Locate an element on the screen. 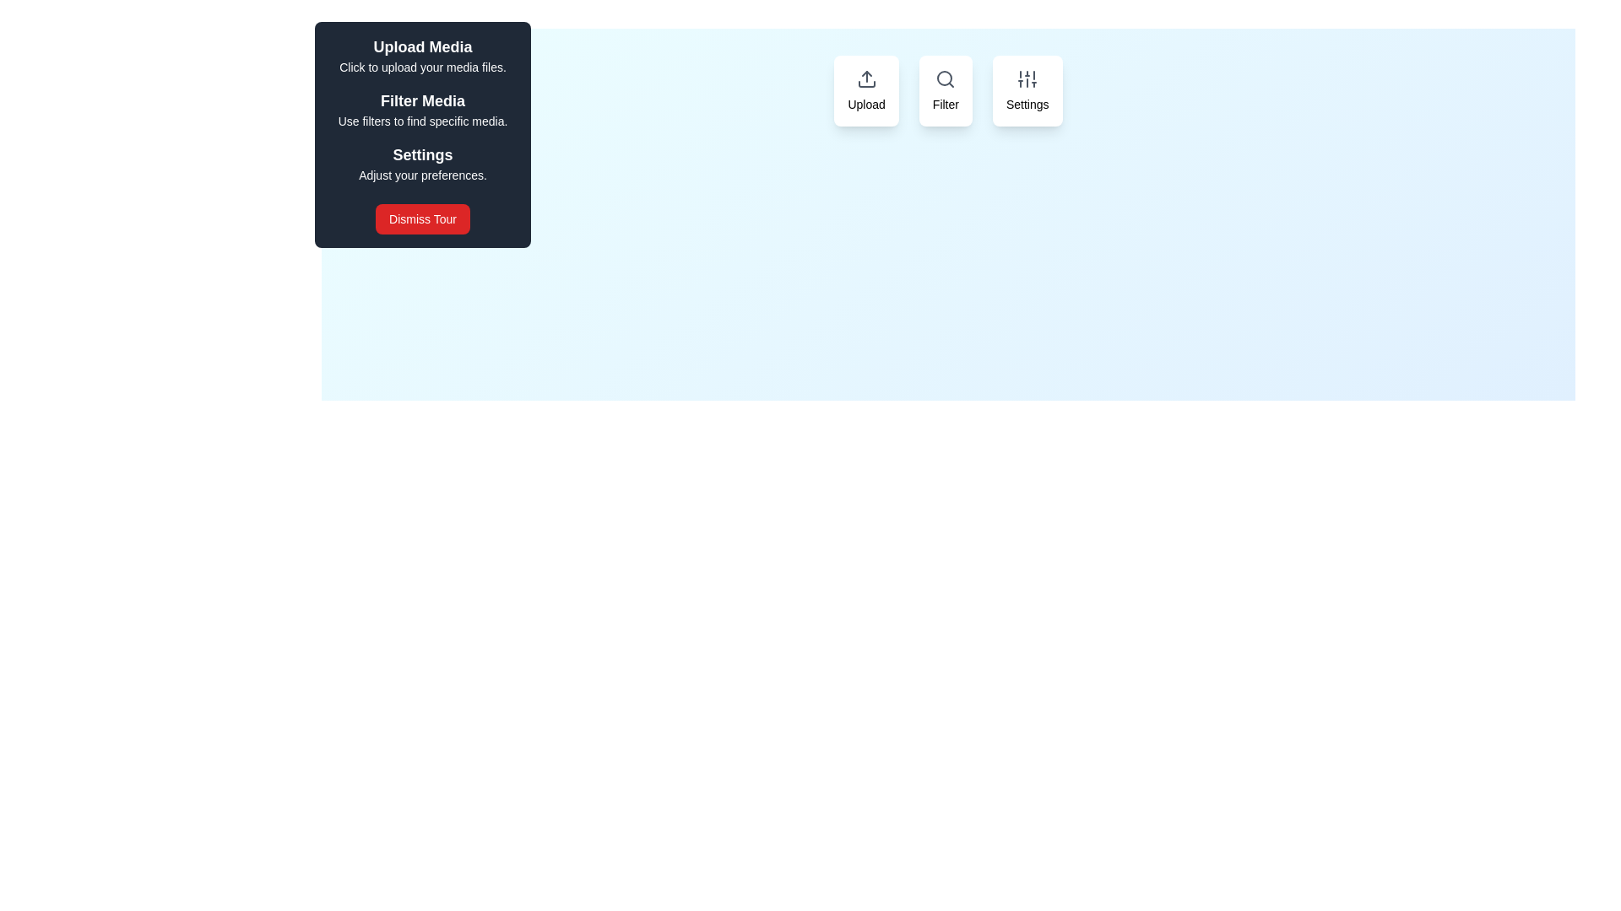  the static text element that serves as the header for the section, located above the text 'Click to upload your media files.' is located at coordinates (422, 46).